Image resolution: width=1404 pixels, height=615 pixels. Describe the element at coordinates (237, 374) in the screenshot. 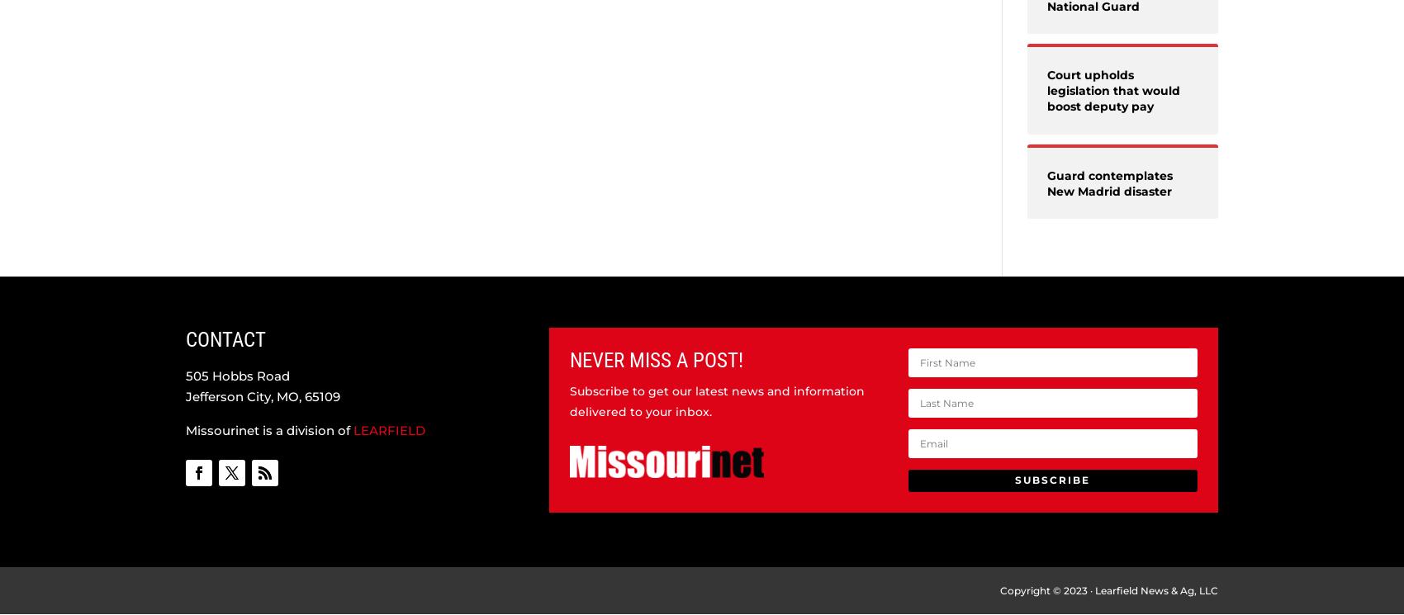

I see `'505 Hobbs Road'` at that location.